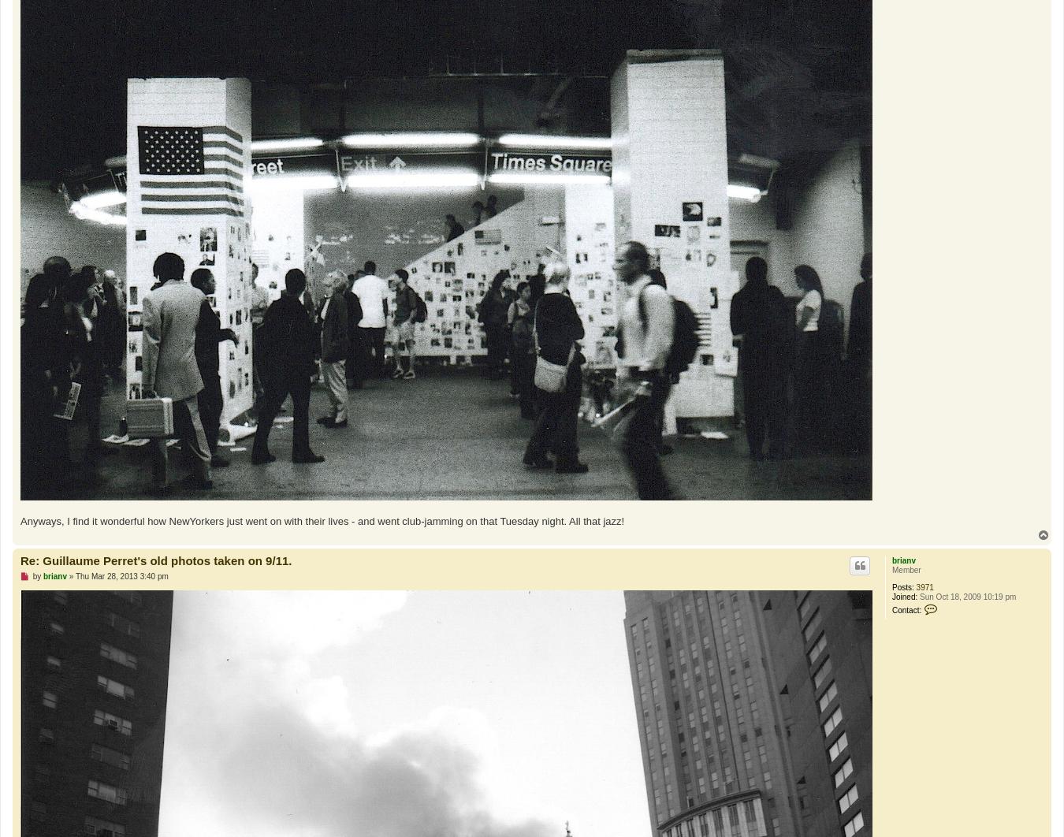 Image resolution: width=1064 pixels, height=837 pixels. Describe the element at coordinates (924, 587) in the screenshot. I see `'3971'` at that location.